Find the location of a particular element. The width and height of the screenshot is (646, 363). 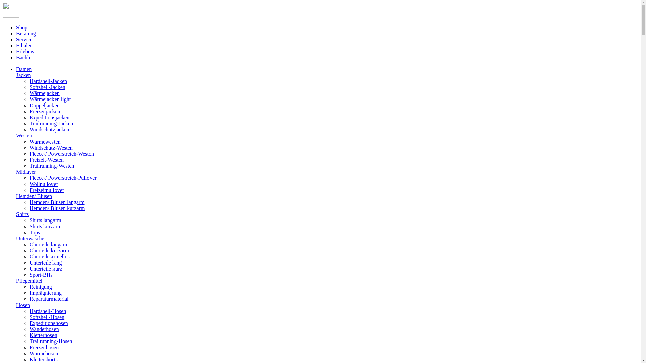

'Reinigung' is located at coordinates (40, 287).